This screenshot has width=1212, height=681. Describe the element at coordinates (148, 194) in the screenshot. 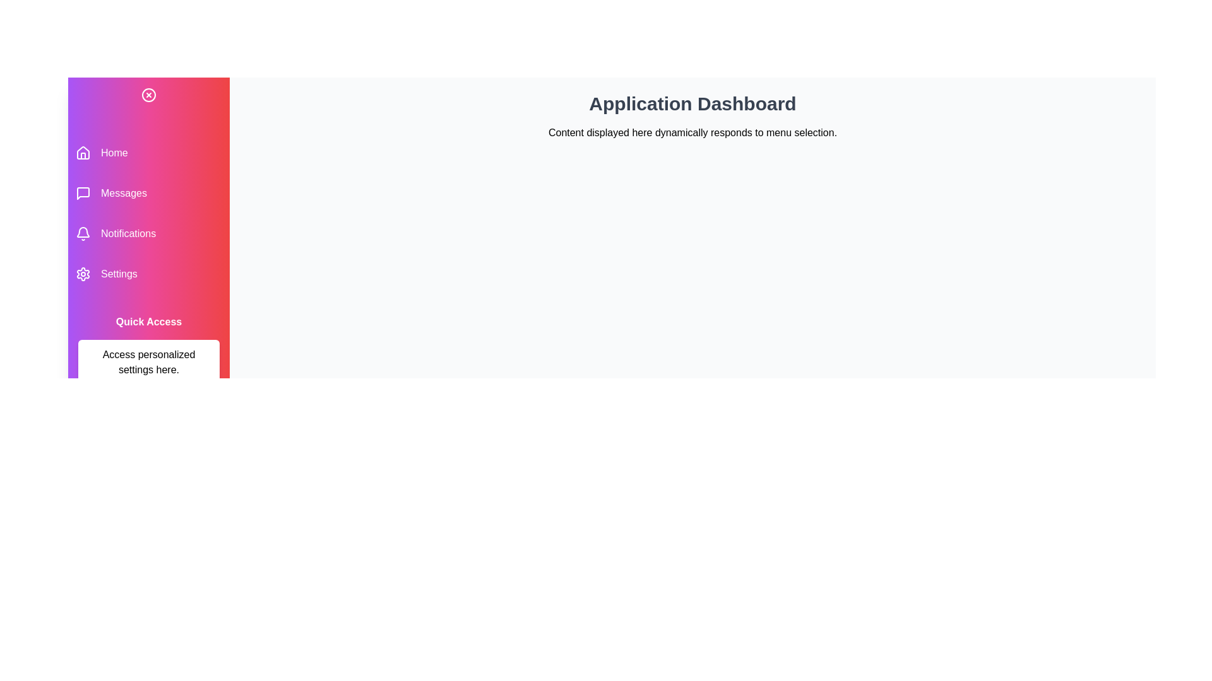

I see `the menu item labeled Messages to navigate to the corresponding section` at that location.